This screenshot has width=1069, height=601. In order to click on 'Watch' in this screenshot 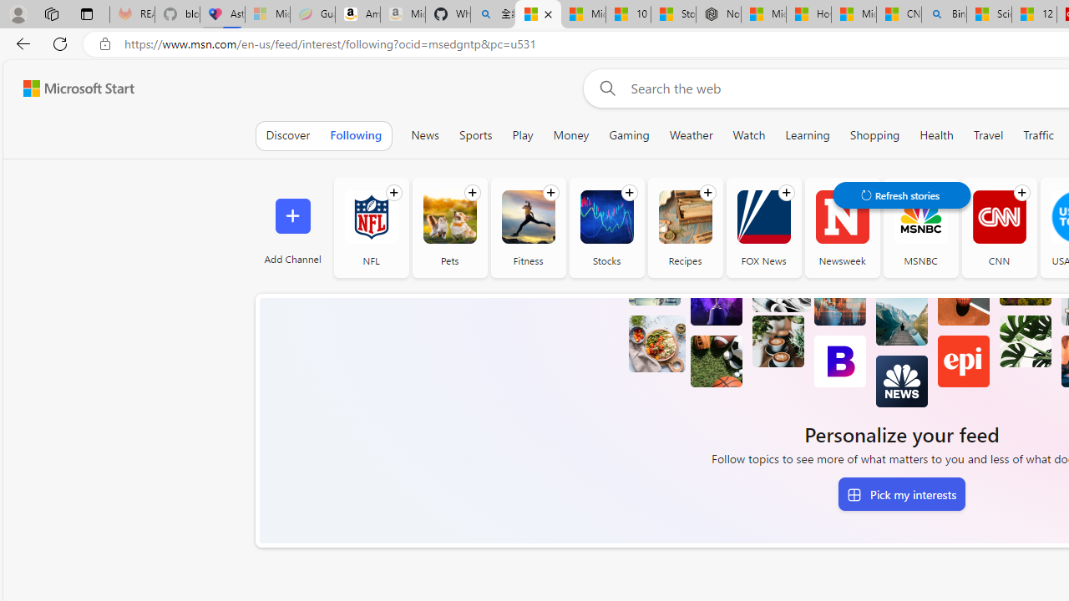, I will do `click(748, 134)`.